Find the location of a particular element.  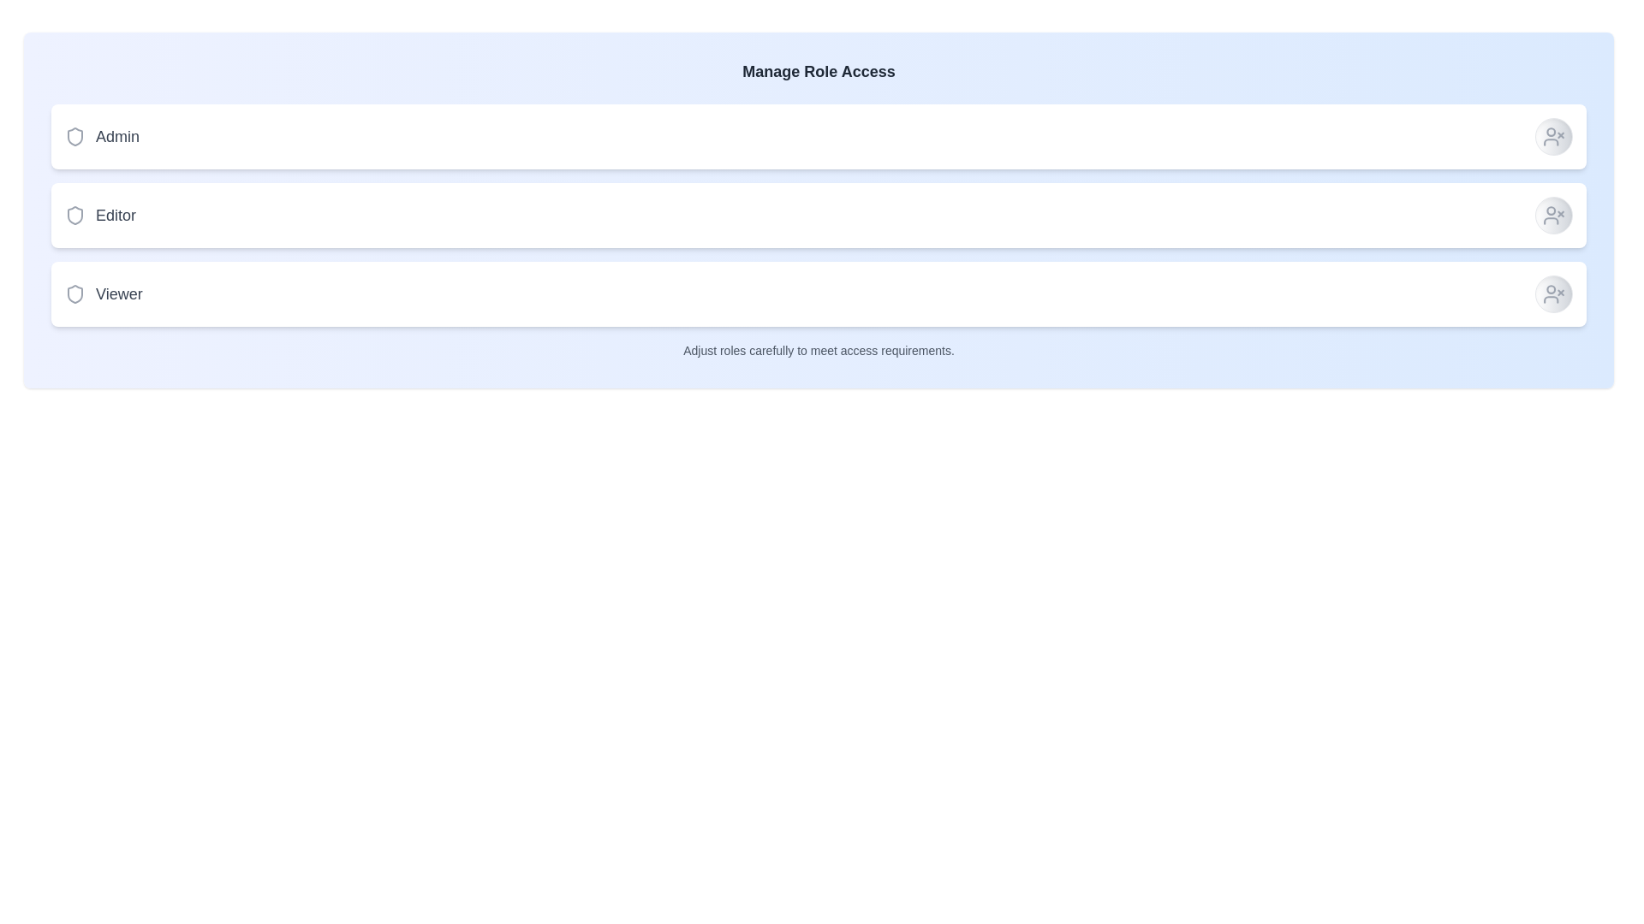

the interactive panel representing the 'Editor' role in the role access management interface is located at coordinates (818, 214).